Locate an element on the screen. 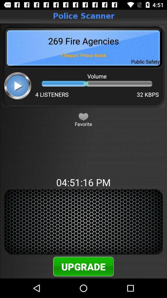 This screenshot has height=298, width=167. the app above the favorite item is located at coordinates (83, 116).